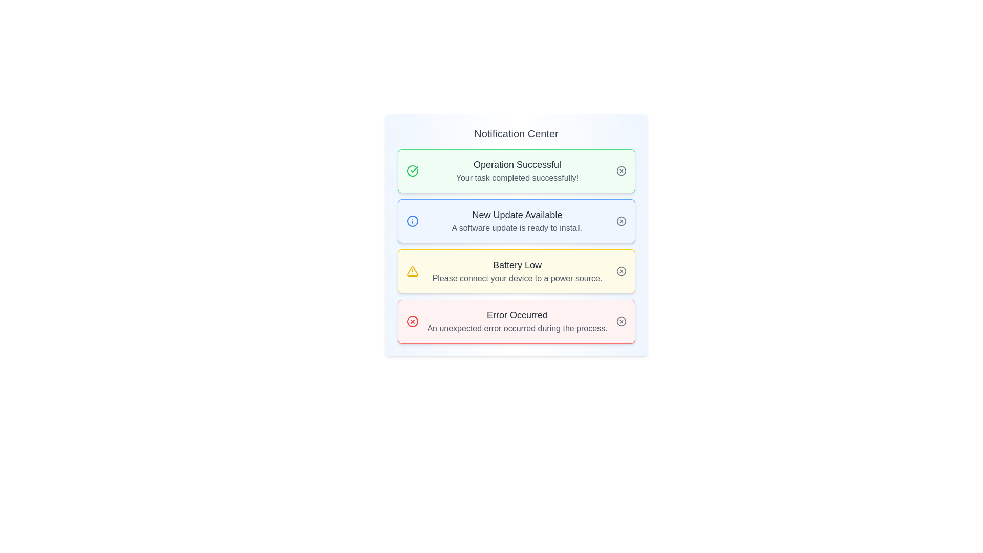 This screenshot has width=983, height=553. I want to click on the warning icon indicating 'Battery Low' located at the top-left corner of the yellow notification card in the notification center, so click(412, 270).